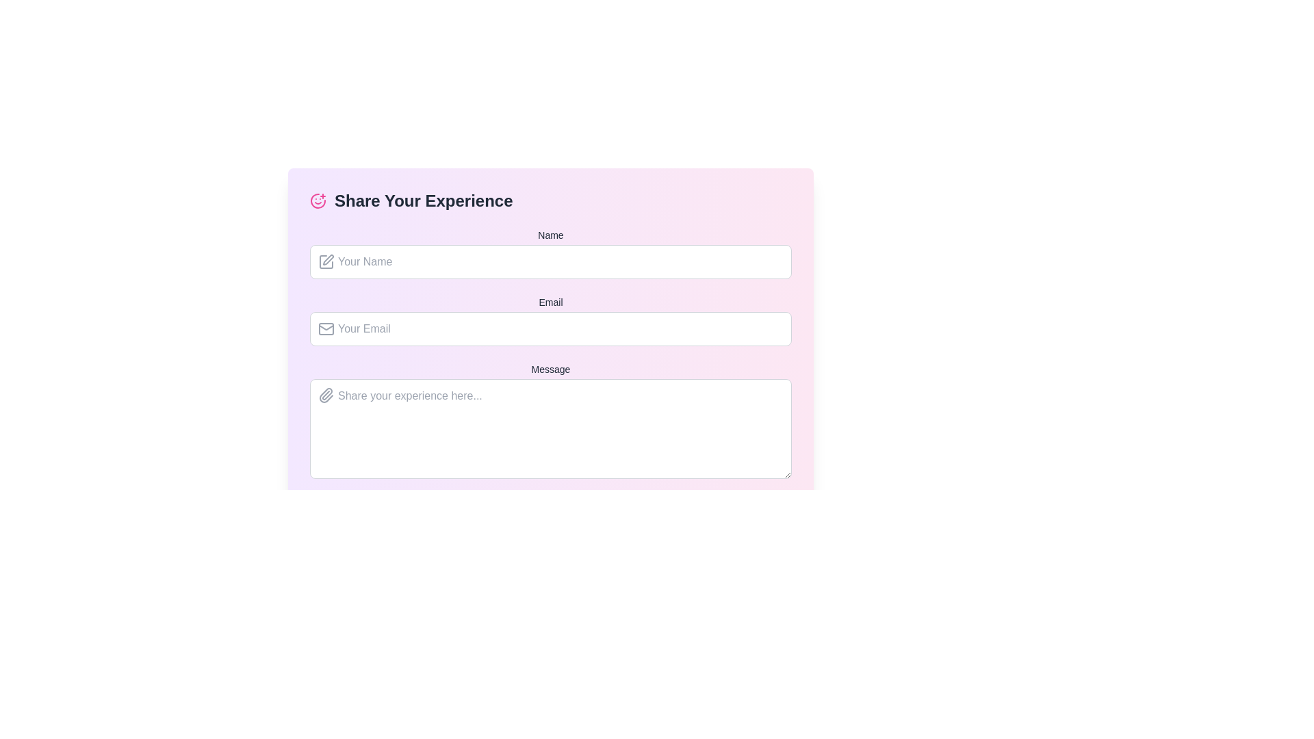 Image resolution: width=1314 pixels, height=739 pixels. What do you see at coordinates (328, 260) in the screenshot?
I see `the decorative icon located to the left of the 'Your Name' input field at the top-left corner of the form` at bounding box center [328, 260].